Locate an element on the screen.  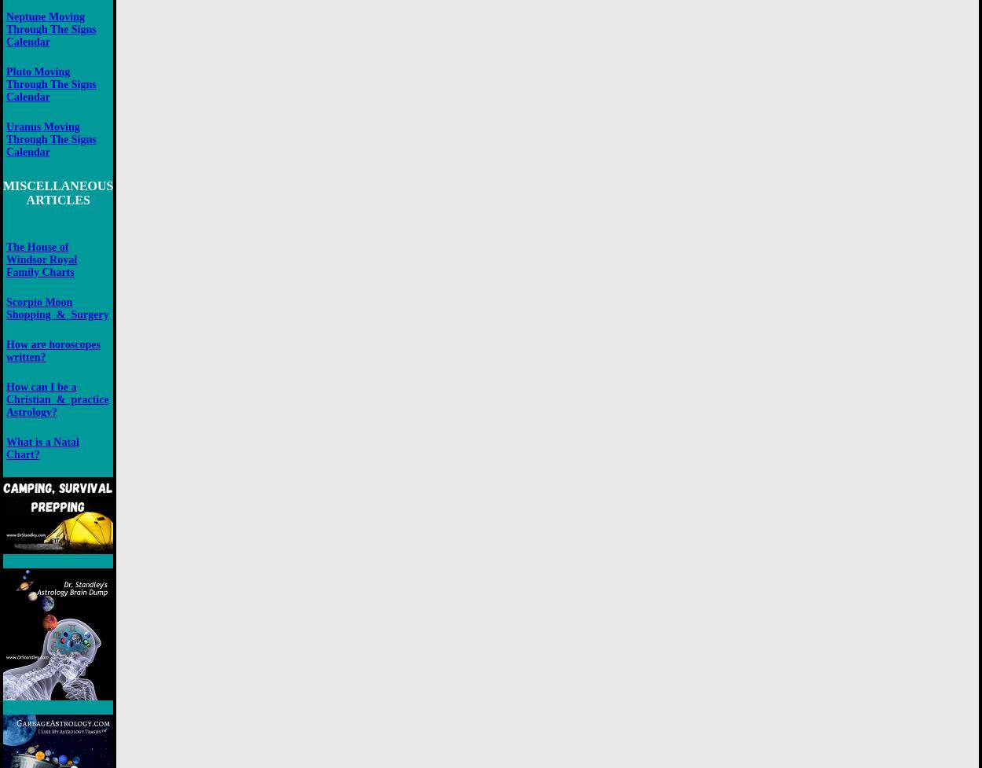
'Neptune Moving Through The Signs Calendar' is located at coordinates (50, 29).